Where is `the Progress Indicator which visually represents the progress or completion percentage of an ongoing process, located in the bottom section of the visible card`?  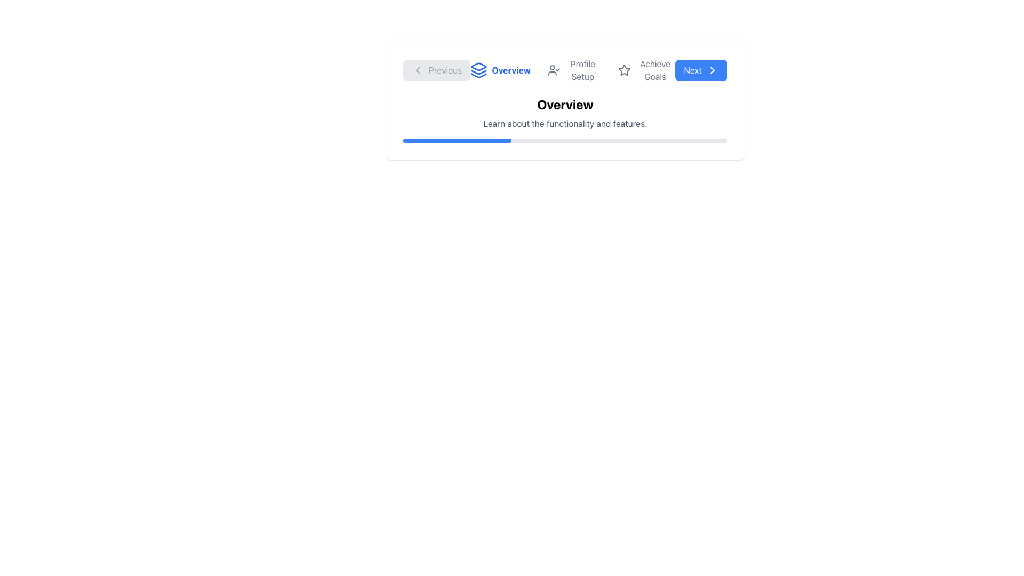
the Progress Indicator which visually represents the progress or completion percentage of an ongoing process, located in the bottom section of the visible card is located at coordinates (457, 140).